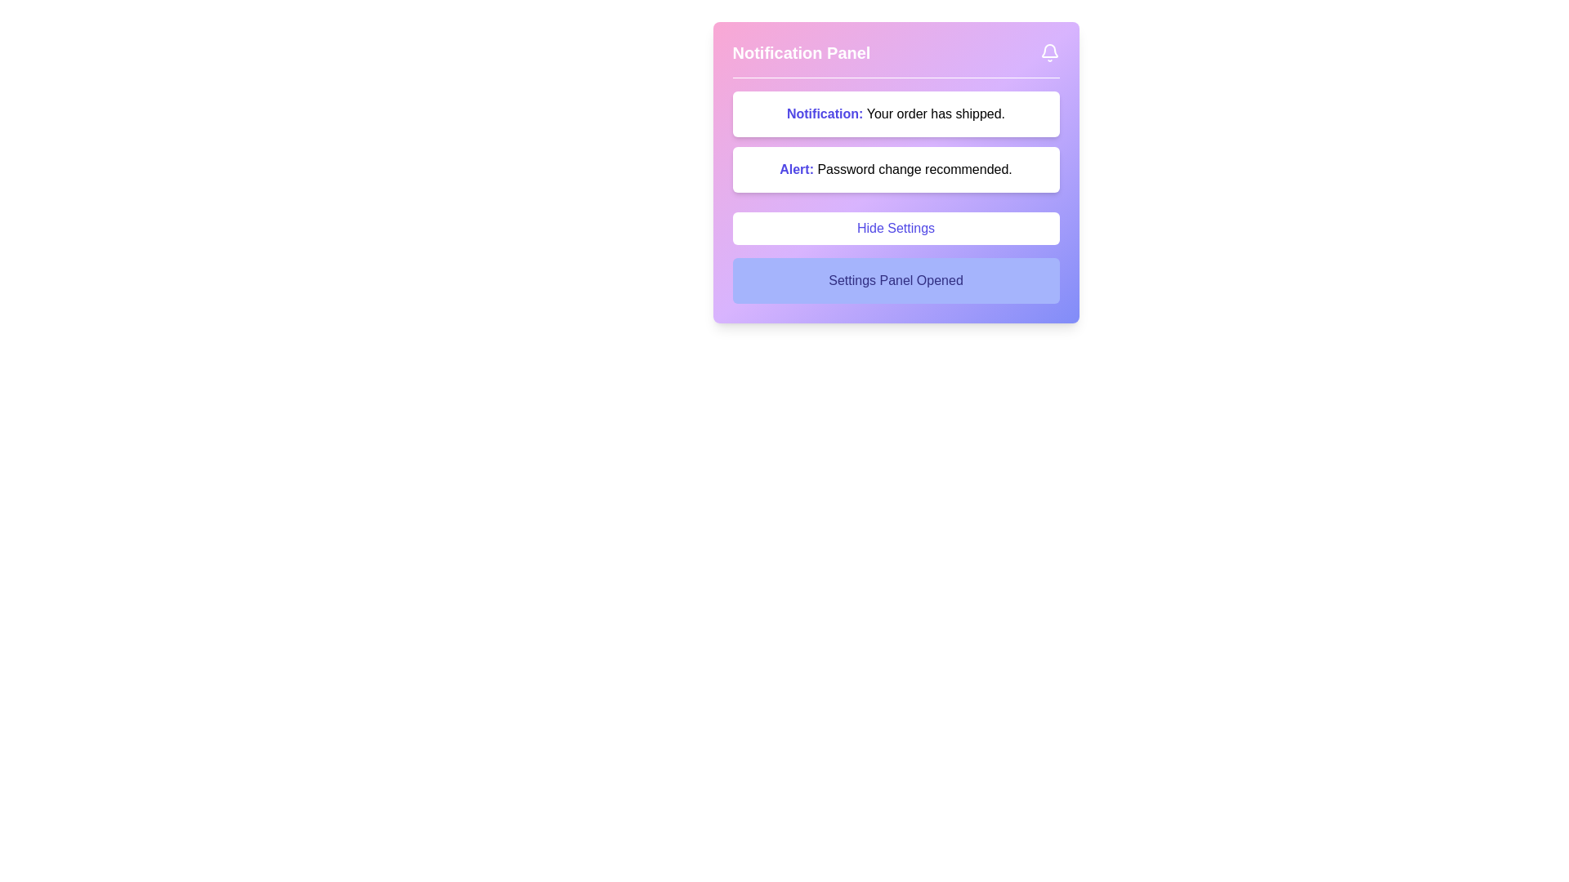 Image resolution: width=1569 pixels, height=882 pixels. I want to click on the 'Settings Panel Opened' text label, which is a rectangular panel with a purple background and rounded corners, located in the lower section of a vertically stacked group within a notification panel, so click(895, 279).